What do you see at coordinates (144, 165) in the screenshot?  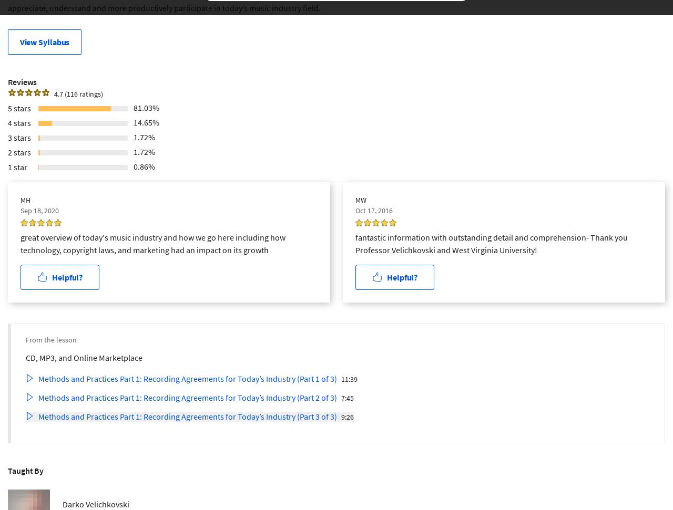 I see `'0.86%'` at bounding box center [144, 165].